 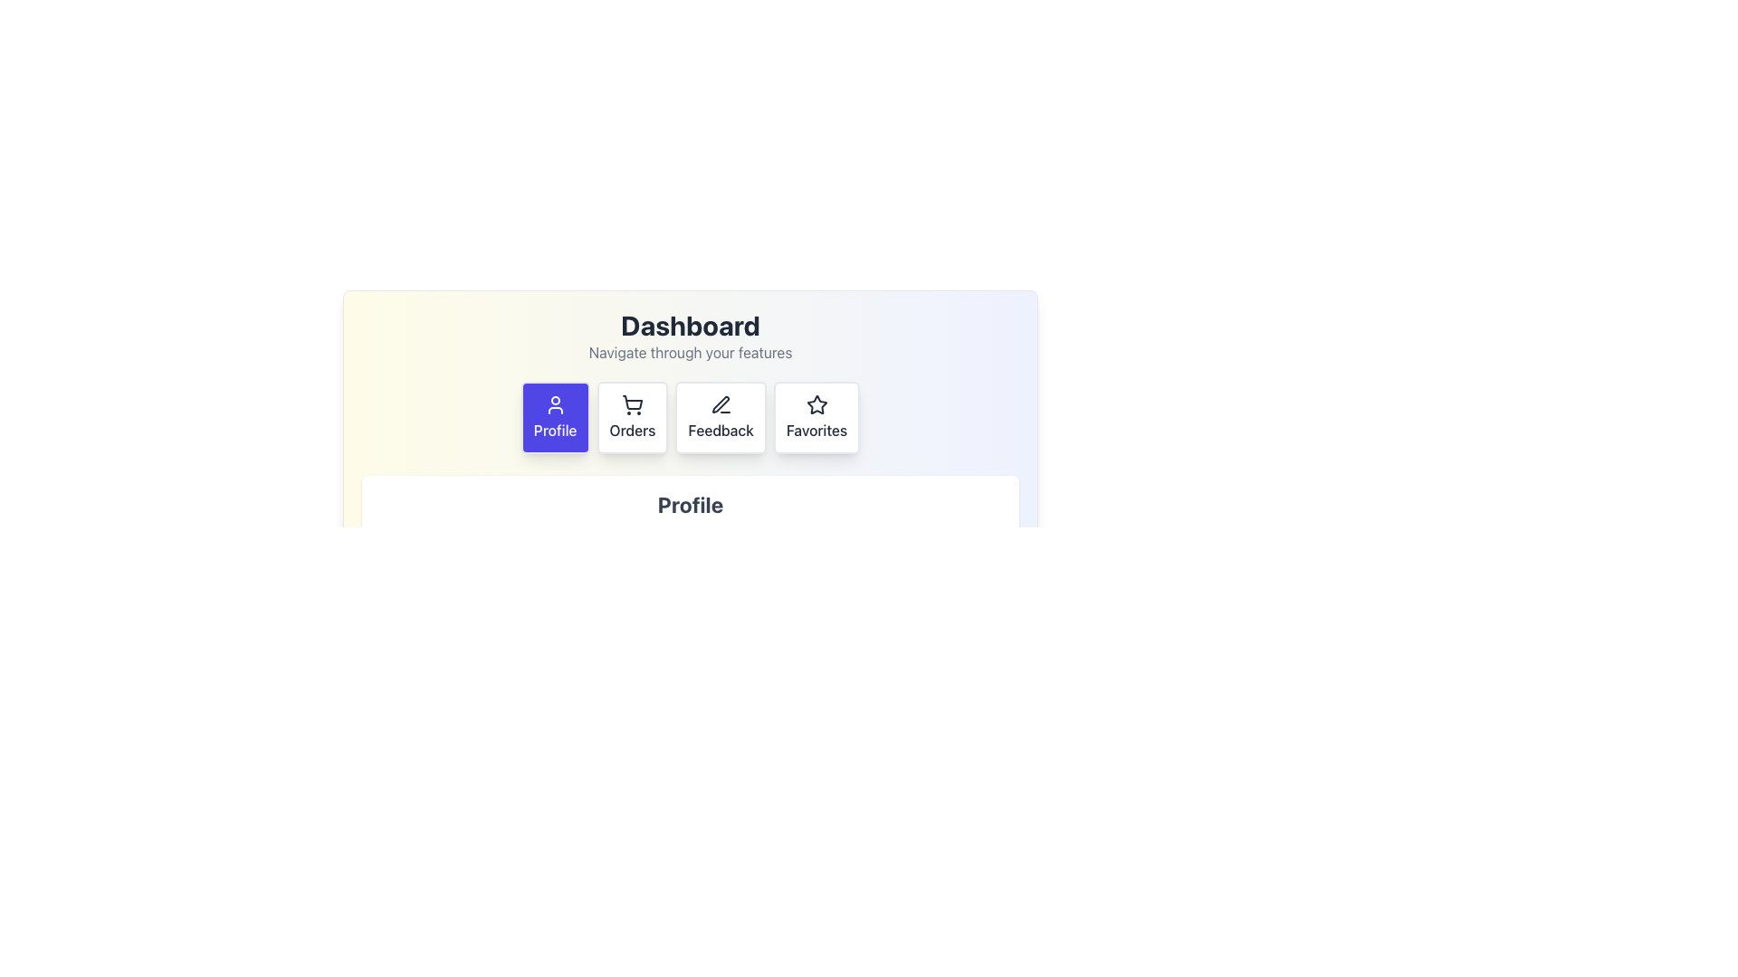 What do you see at coordinates (690, 352) in the screenshot?
I see `the Text Label that provides guidance about the features associated with the 'Dashboard', positioned directly below the 'Dashboard' heading` at bounding box center [690, 352].